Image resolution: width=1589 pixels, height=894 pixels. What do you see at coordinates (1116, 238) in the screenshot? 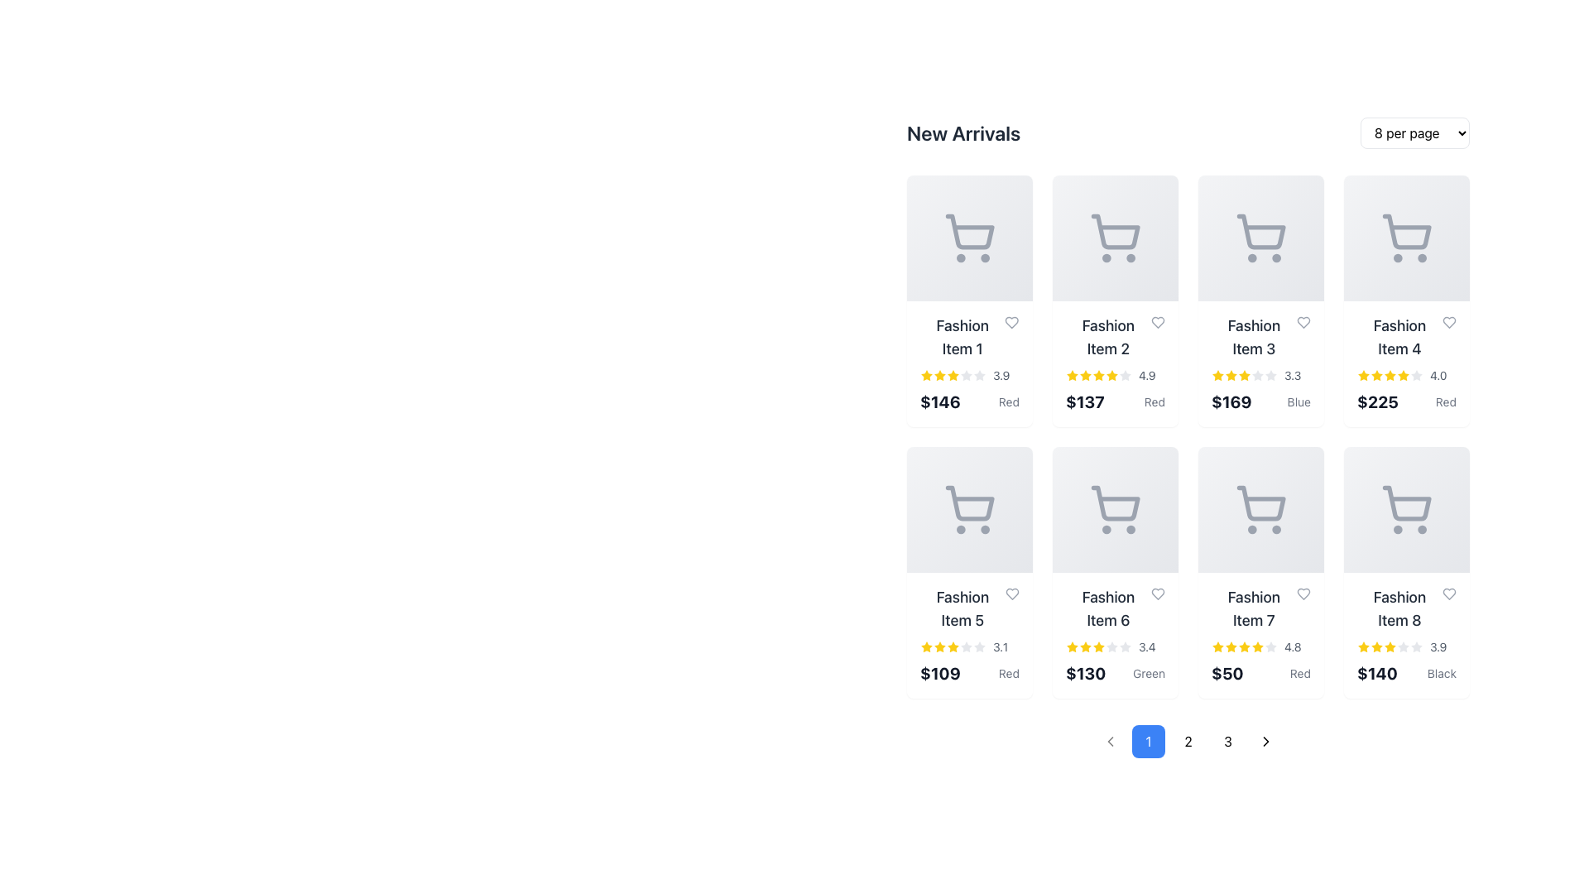
I see `the 'Add to Cart' icon located centrally within the 'Fashion Item 2' card in the first row of the grid layout` at bounding box center [1116, 238].